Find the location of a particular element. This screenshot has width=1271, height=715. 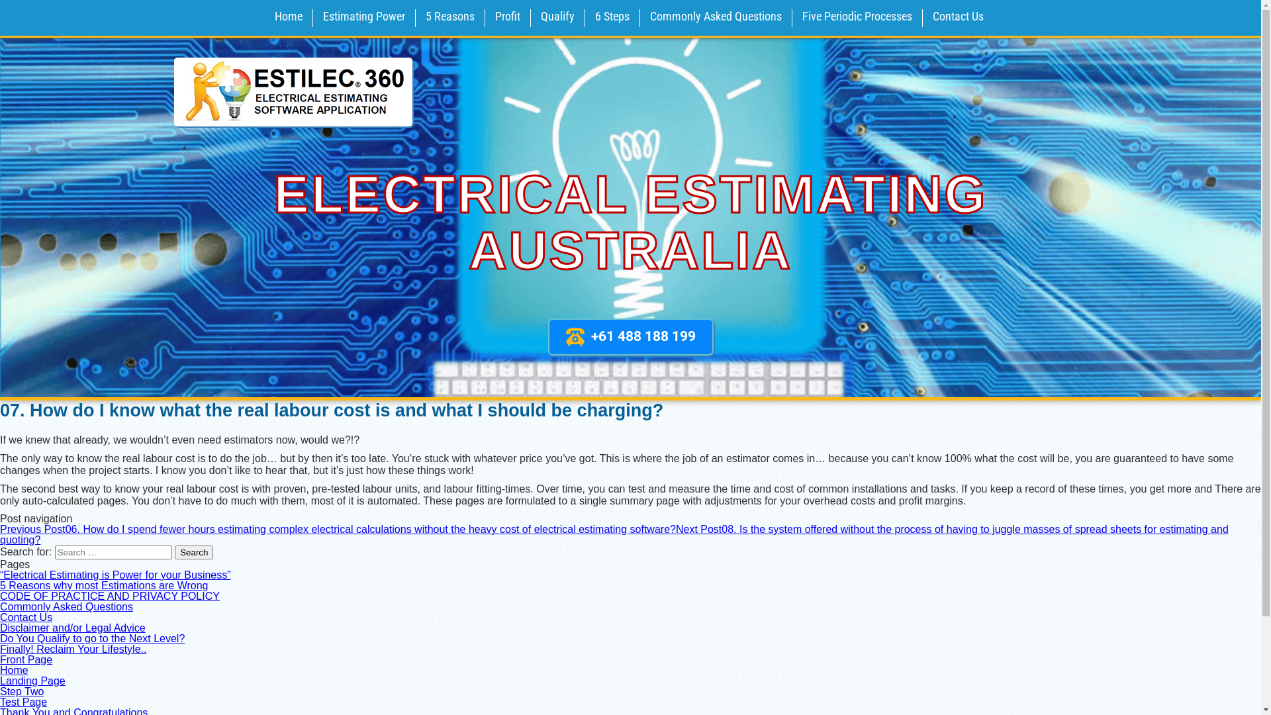

'Disclaimer and/or Legal Advice' is located at coordinates (72, 627).